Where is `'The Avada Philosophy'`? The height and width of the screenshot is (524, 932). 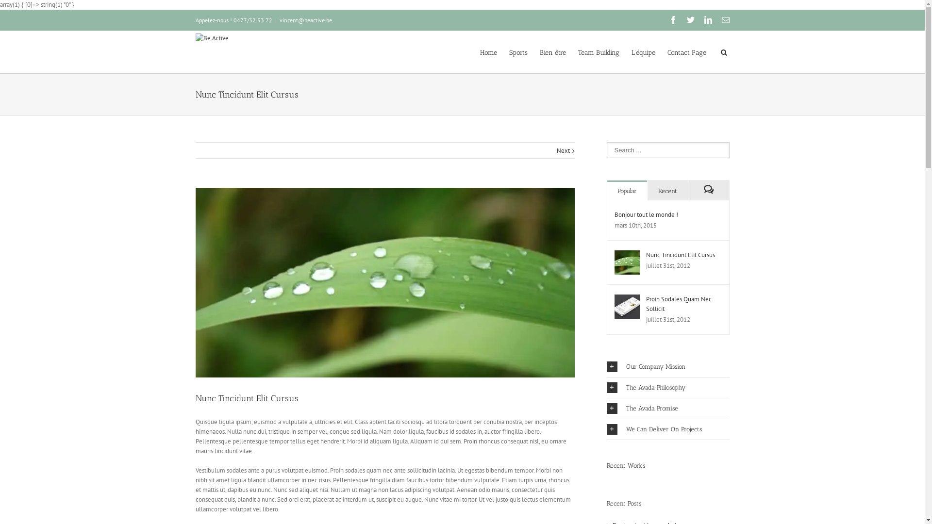
'The Avada Philosophy' is located at coordinates (667, 387).